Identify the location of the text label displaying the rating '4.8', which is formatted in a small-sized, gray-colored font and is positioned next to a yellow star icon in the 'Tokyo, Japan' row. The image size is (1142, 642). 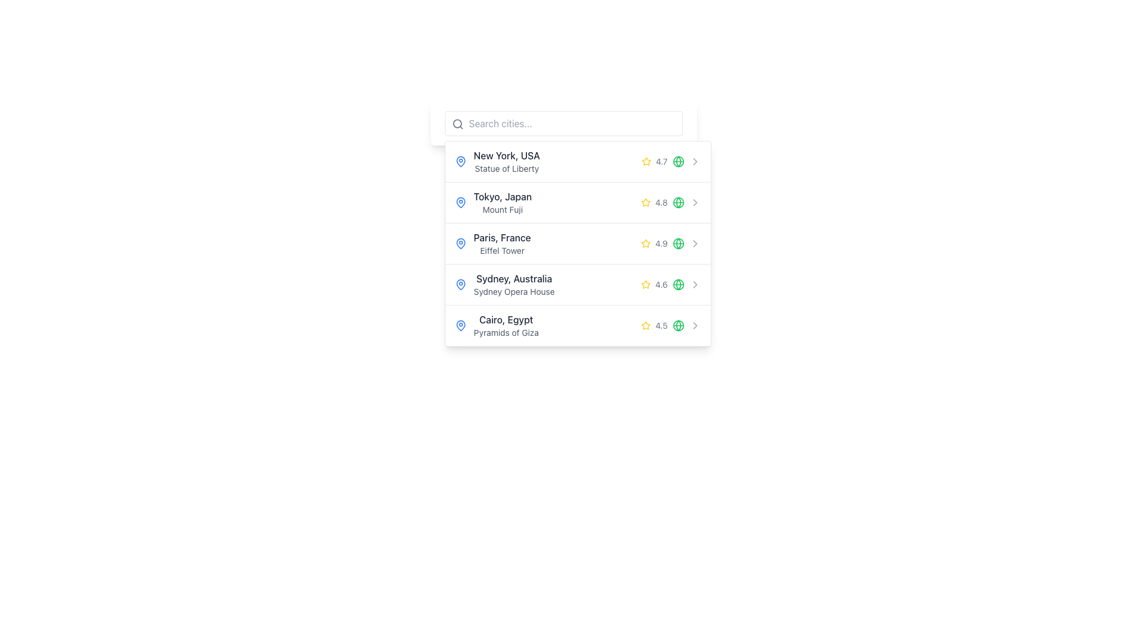
(661, 202).